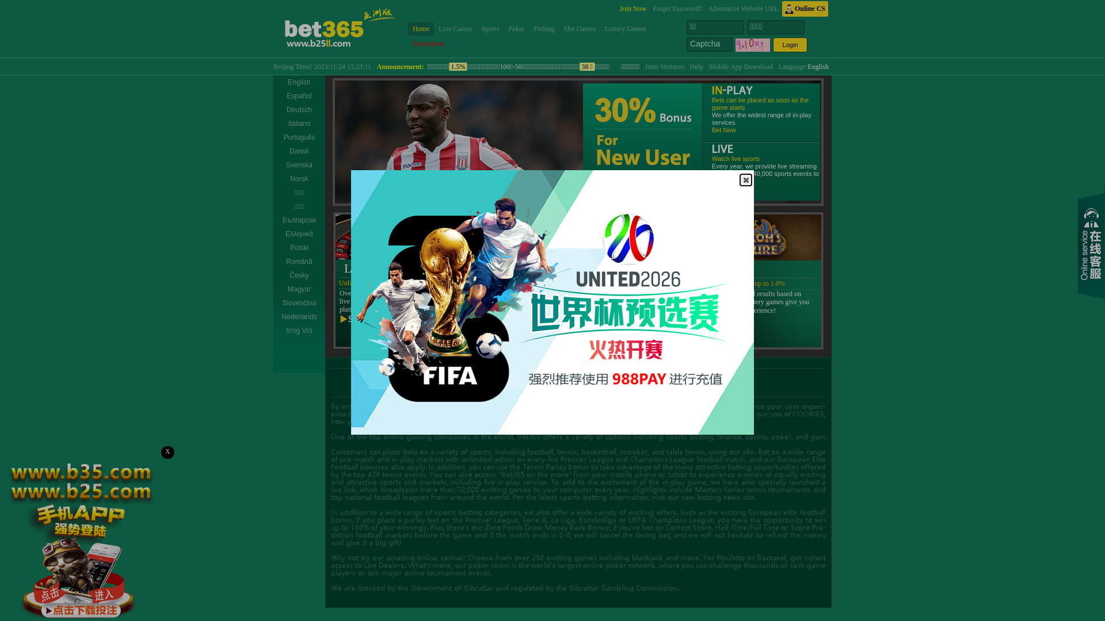  Describe the element at coordinates (677, 9) in the screenshot. I see `'Forget Password?'` at that location.